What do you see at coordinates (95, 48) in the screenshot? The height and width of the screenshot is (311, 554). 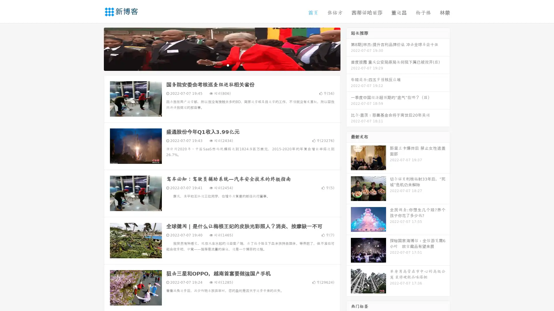 I see `Previous slide` at bounding box center [95, 48].